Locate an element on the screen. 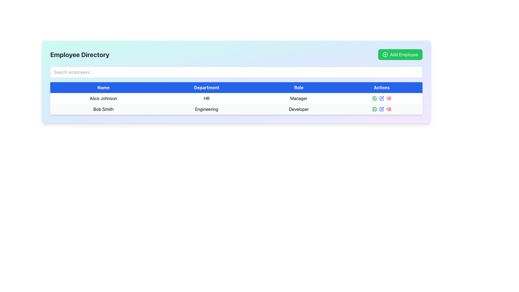  the save button located in the 'Actions' column of the table for the first row representing 'Alice Johnson' is located at coordinates (374, 109).